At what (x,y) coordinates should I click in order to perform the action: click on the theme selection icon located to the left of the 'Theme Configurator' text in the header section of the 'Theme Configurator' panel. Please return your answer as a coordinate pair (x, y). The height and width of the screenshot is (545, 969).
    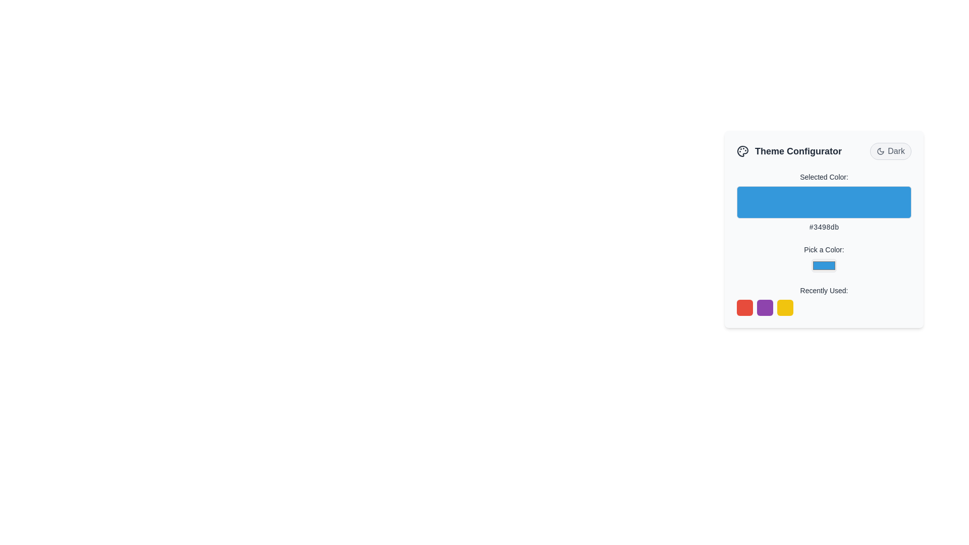
    Looking at the image, I should click on (743, 151).